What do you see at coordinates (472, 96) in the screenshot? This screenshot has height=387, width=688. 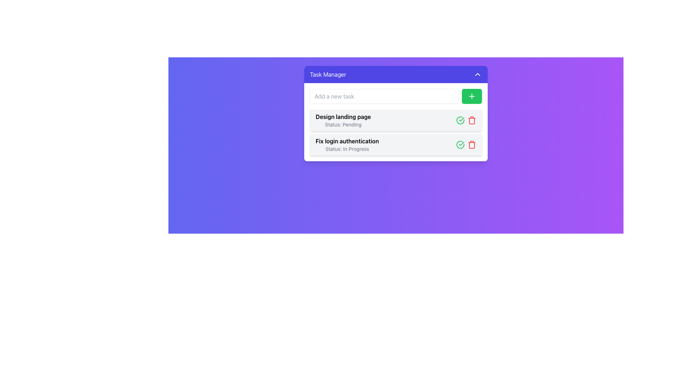 I see `the green button with a white plus icon located at the far-right end of the row below the 'Task Manager' title` at bounding box center [472, 96].